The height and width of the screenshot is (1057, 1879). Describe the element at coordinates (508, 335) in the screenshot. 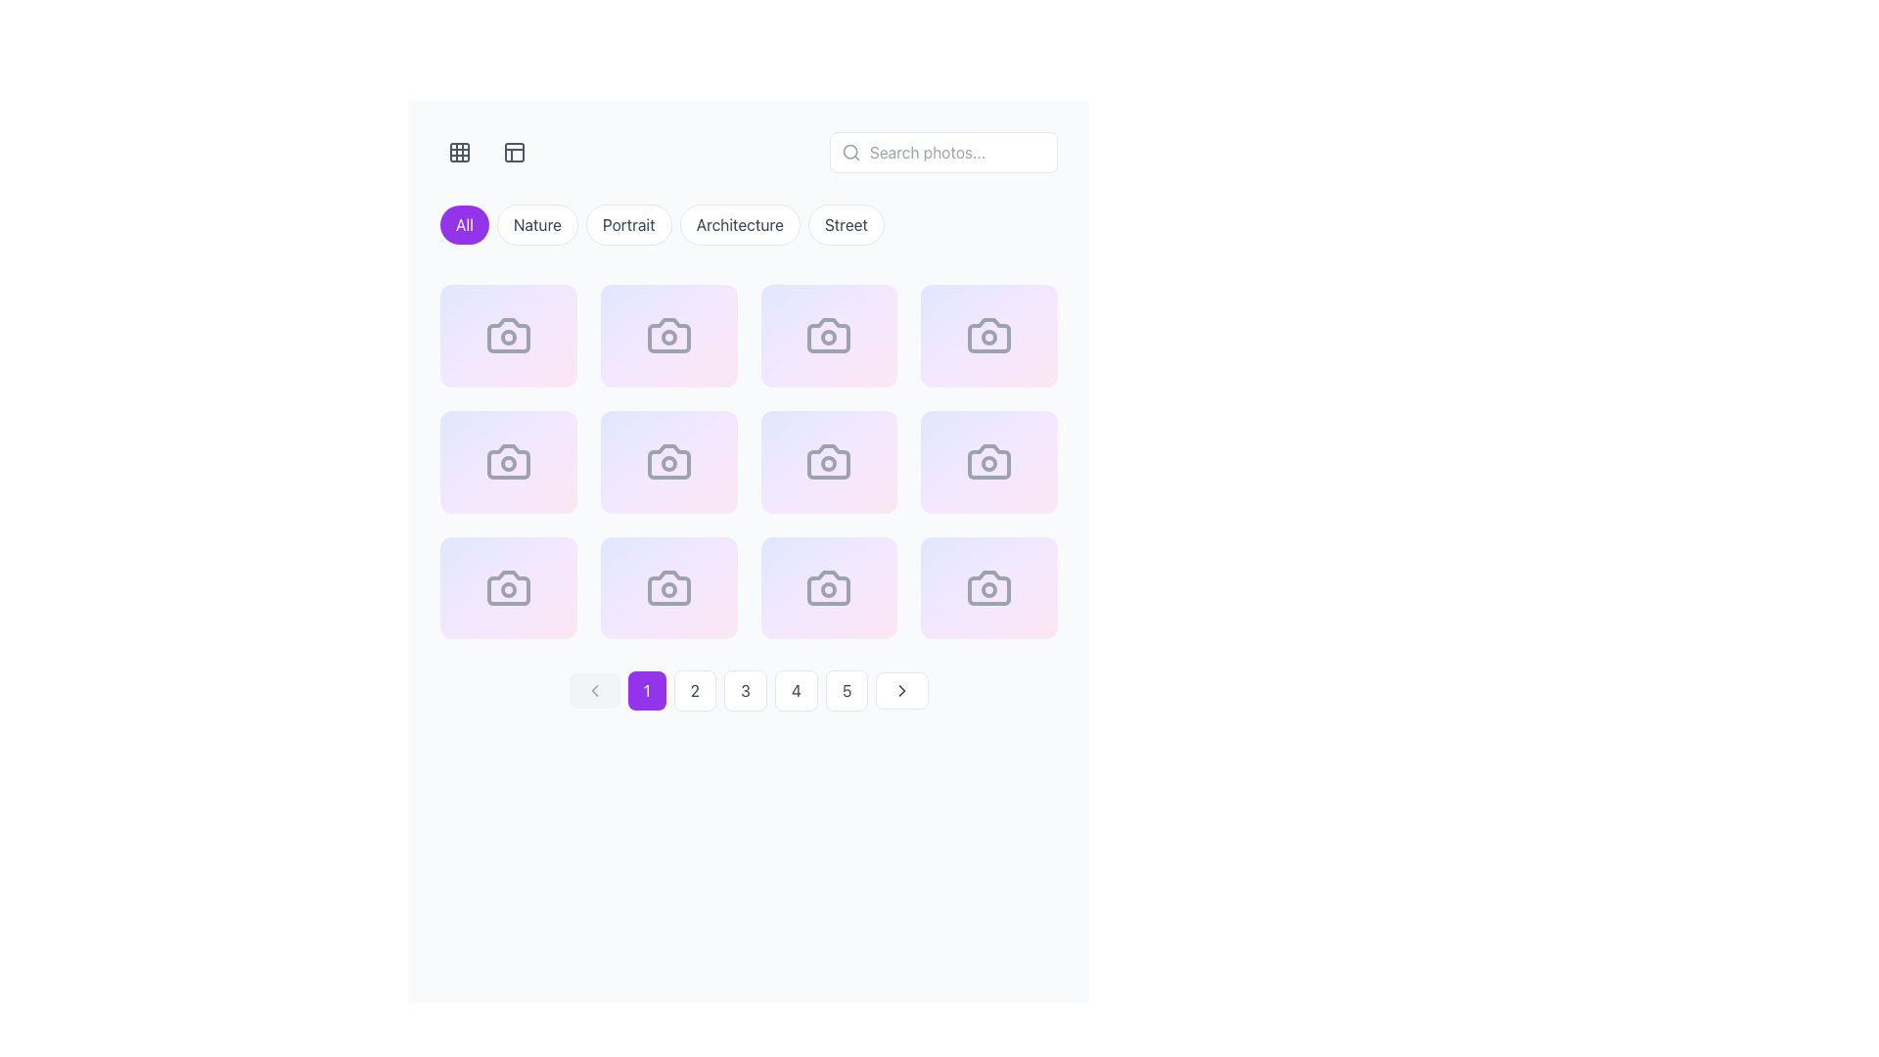

I see `the camera icon located in the first row and first column of the grid layout` at that location.